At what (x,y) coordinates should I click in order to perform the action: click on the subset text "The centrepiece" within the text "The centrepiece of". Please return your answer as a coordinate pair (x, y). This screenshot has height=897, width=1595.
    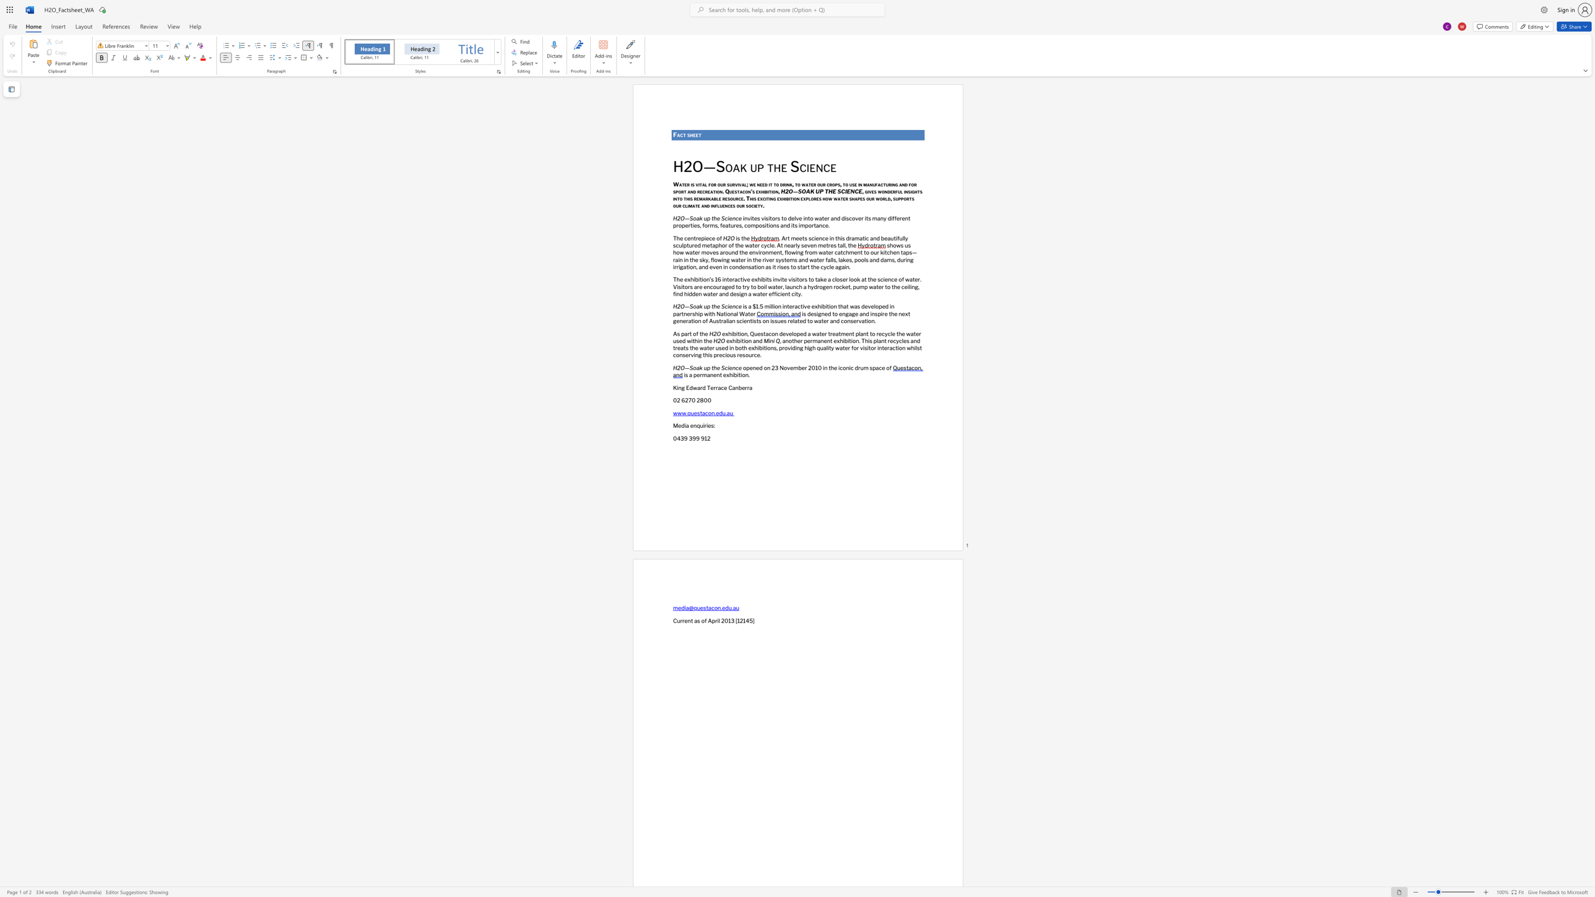
    Looking at the image, I should click on (673, 238).